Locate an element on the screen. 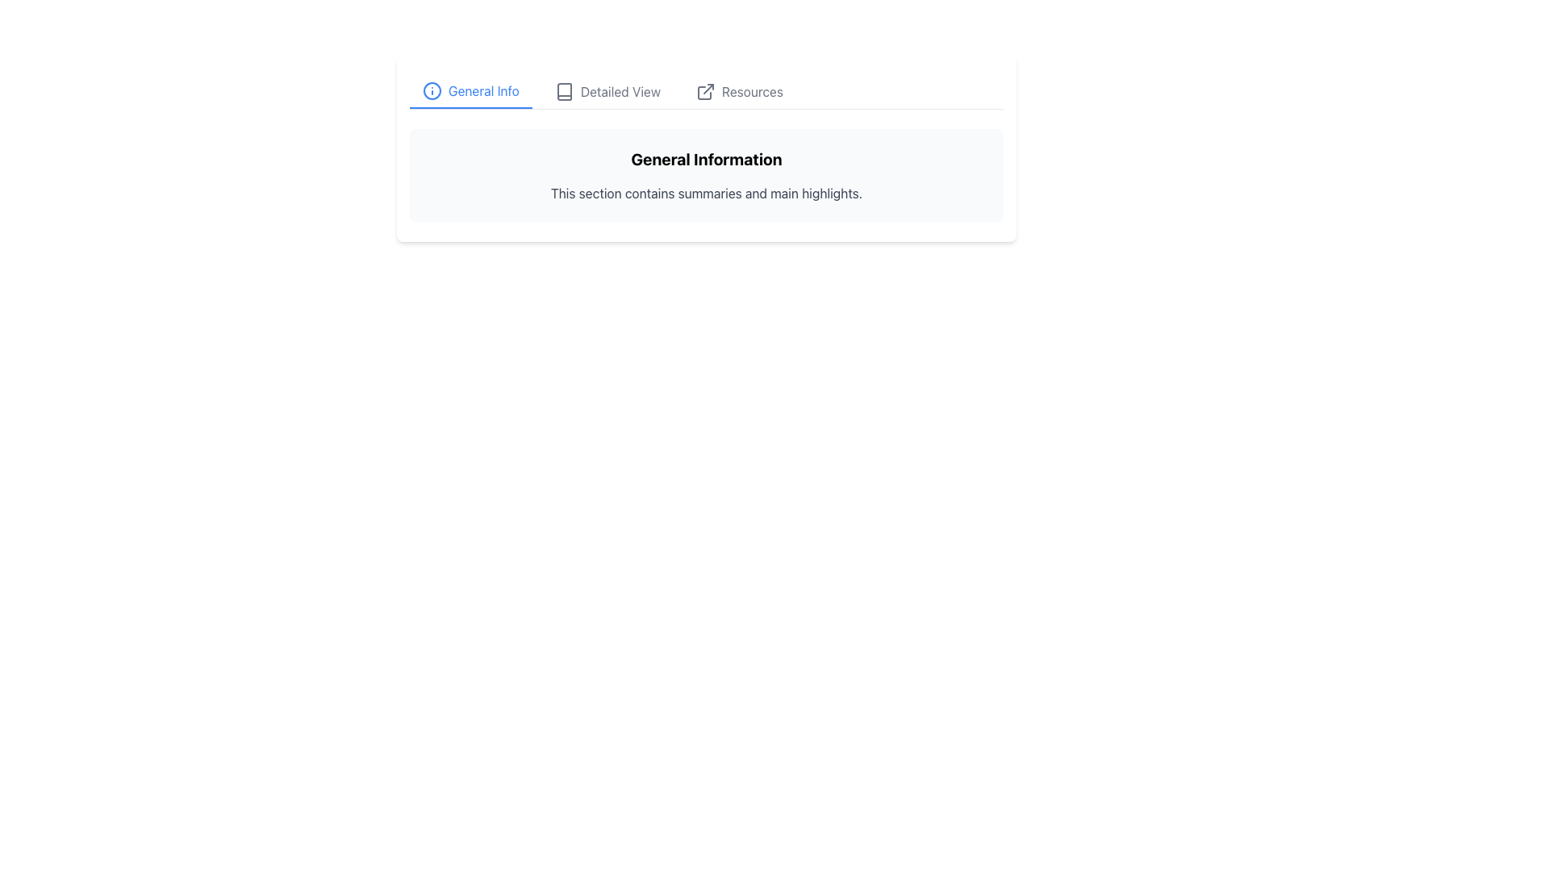 This screenshot has height=871, width=1549. text in the Informational Section located at the center of the upper half of the view, below the navigation toolbar is located at coordinates (706, 148).